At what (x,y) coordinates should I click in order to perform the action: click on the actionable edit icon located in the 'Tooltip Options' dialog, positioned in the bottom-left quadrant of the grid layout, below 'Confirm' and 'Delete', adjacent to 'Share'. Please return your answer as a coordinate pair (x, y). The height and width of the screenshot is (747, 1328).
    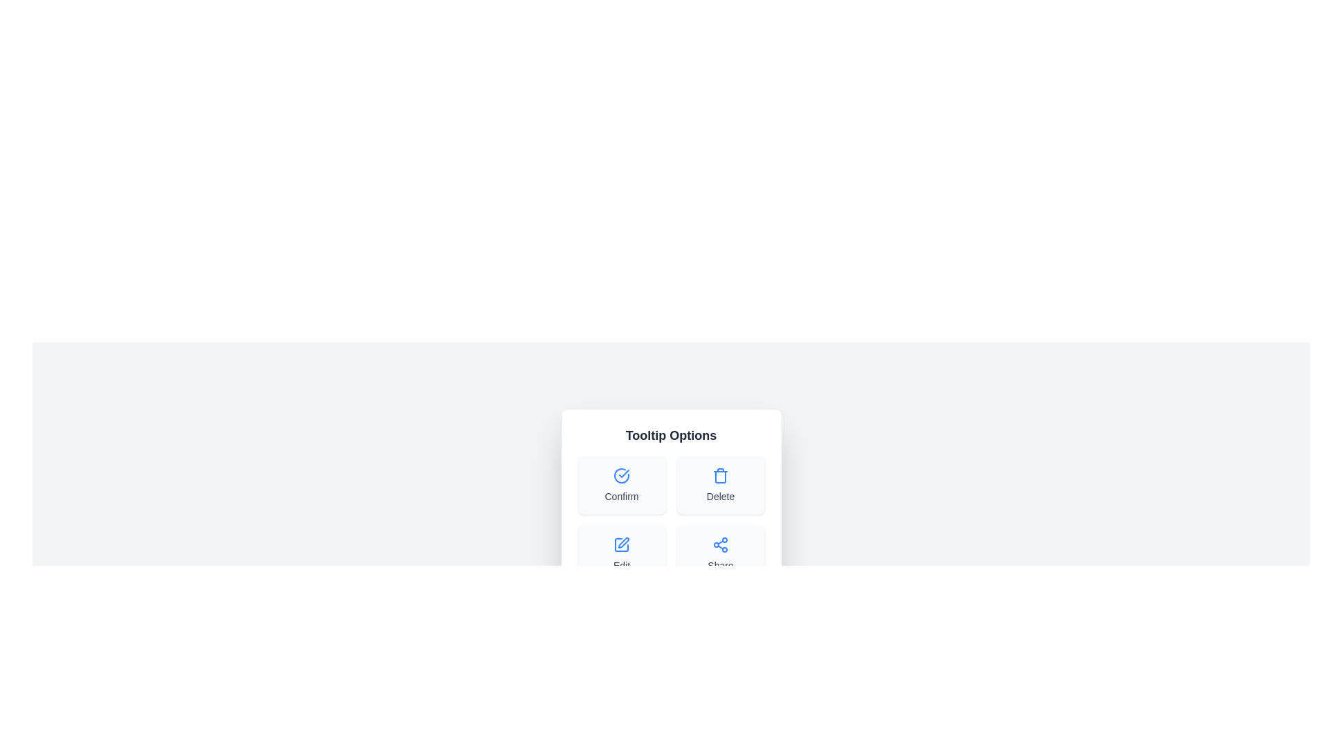
    Looking at the image, I should click on (623, 542).